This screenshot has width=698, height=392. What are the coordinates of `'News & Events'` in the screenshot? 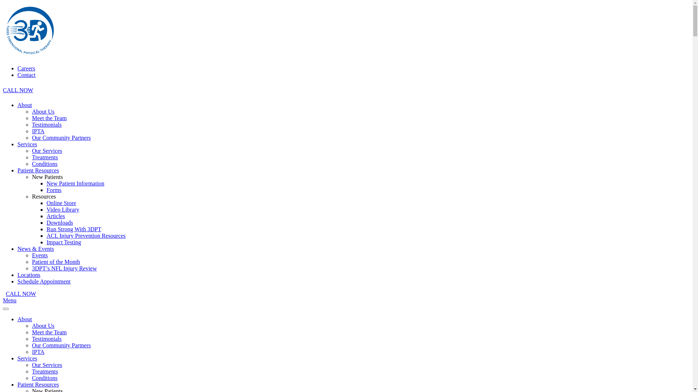 It's located at (35, 248).